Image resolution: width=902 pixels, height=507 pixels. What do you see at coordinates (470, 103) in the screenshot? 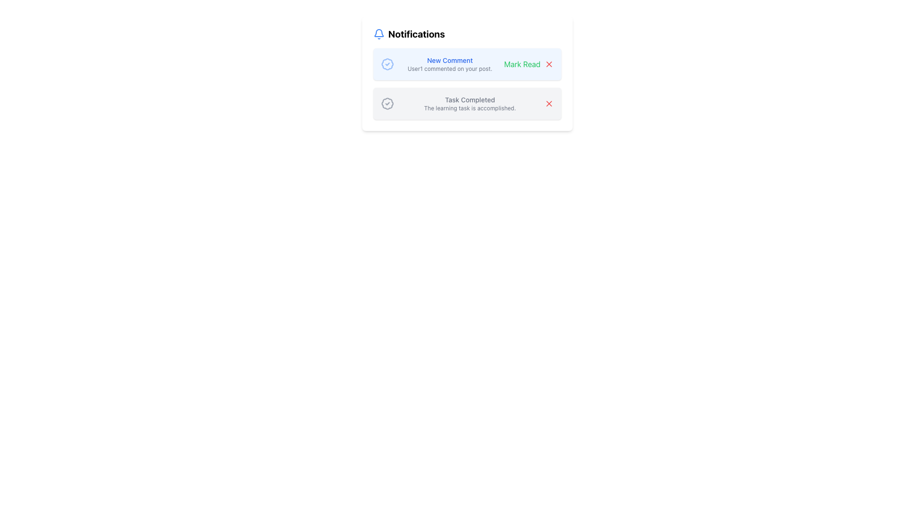
I see `the text component that displays 'Task Completed' and 'The learning task is accomplished.' in the lower notification block` at bounding box center [470, 103].